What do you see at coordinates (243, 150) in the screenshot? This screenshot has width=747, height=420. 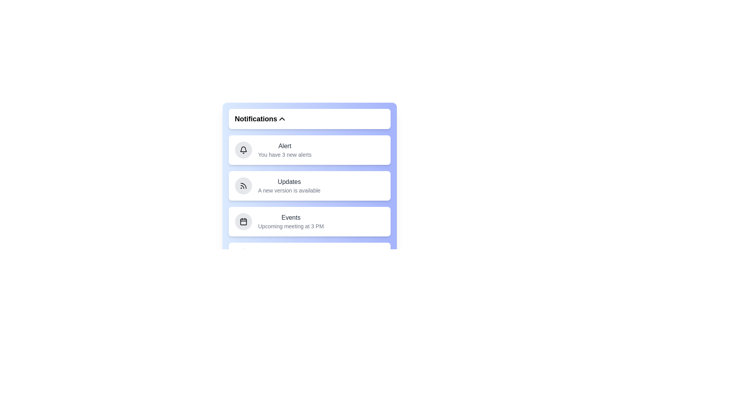 I see `the icon representing Alert notification` at bounding box center [243, 150].